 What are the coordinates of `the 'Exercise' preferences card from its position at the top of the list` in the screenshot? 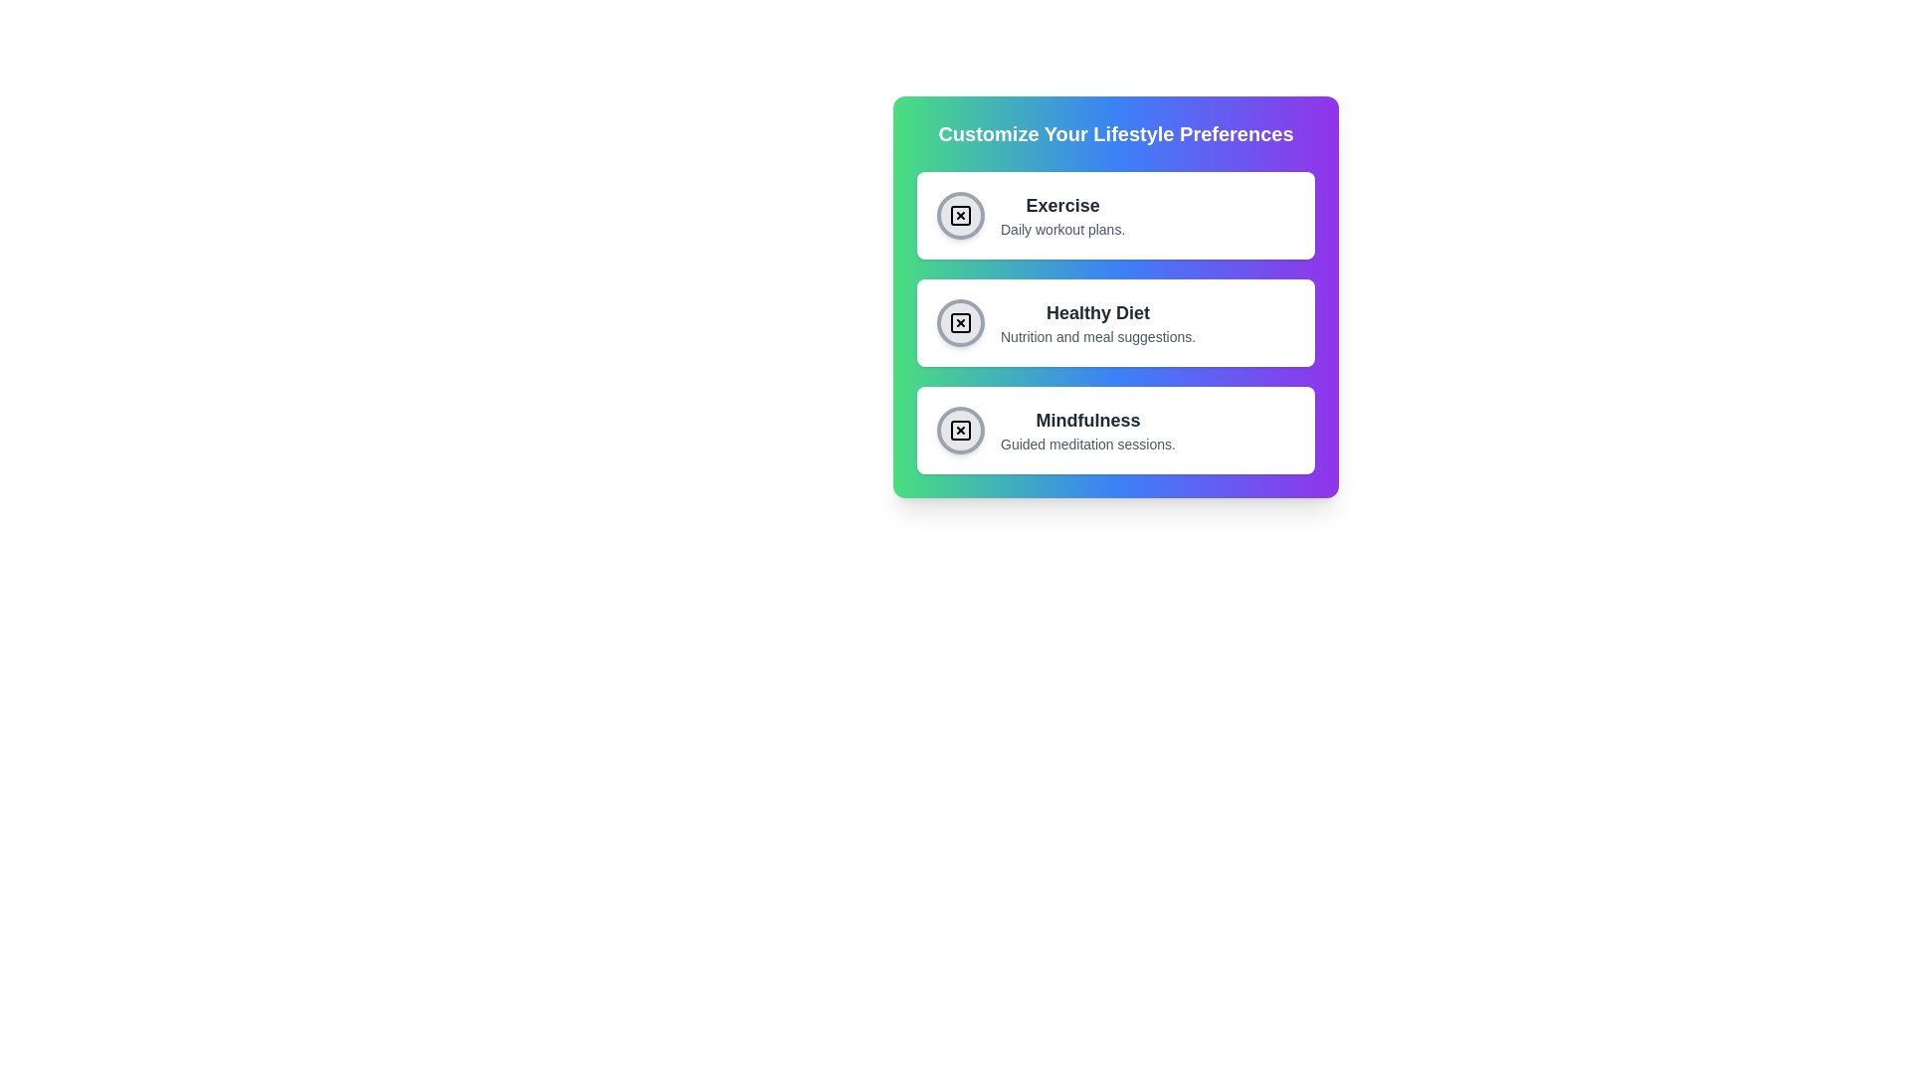 It's located at (1116, 215).